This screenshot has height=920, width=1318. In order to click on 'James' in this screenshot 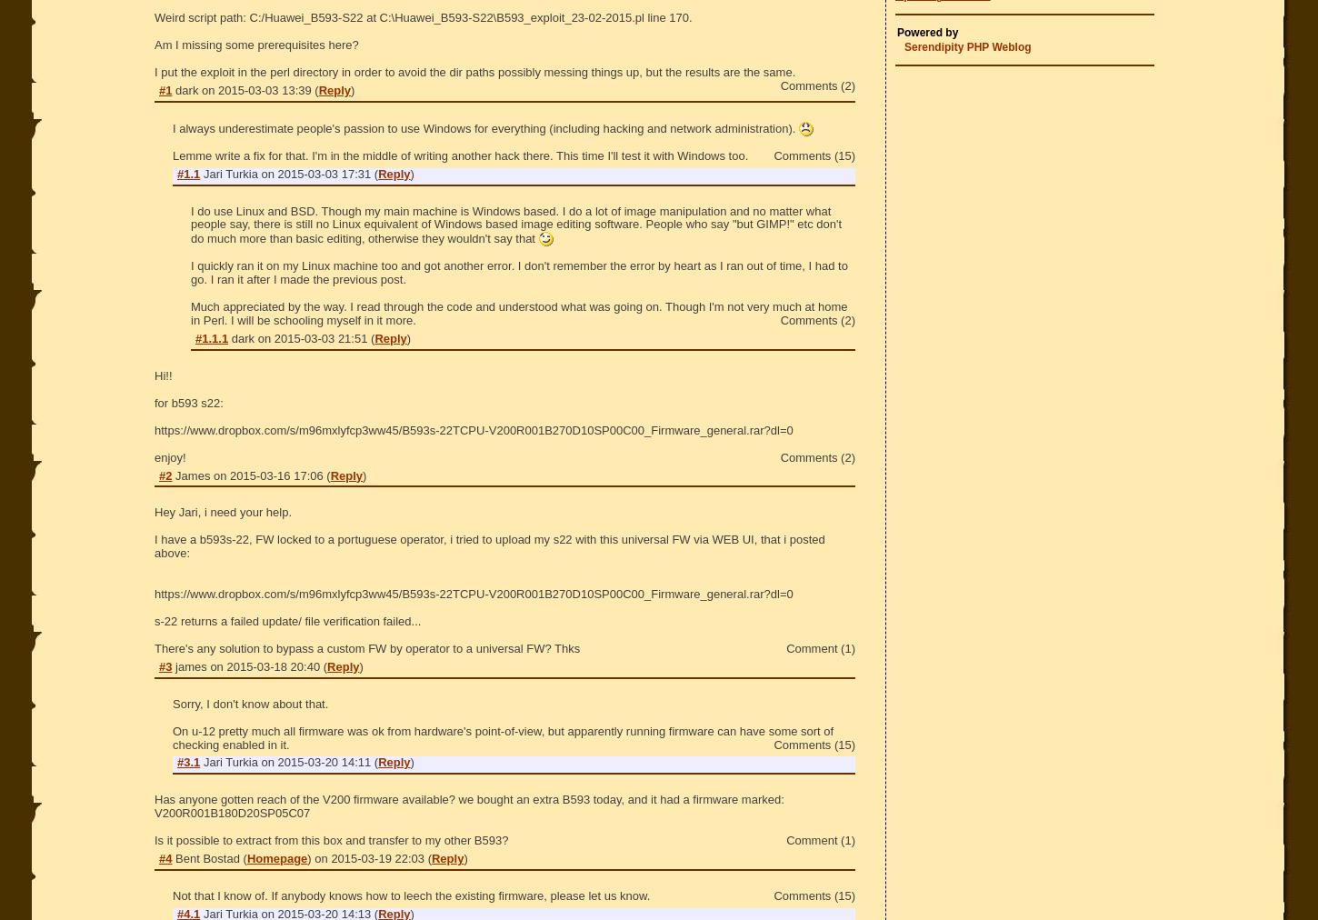, I will do `click(194, 474)`.